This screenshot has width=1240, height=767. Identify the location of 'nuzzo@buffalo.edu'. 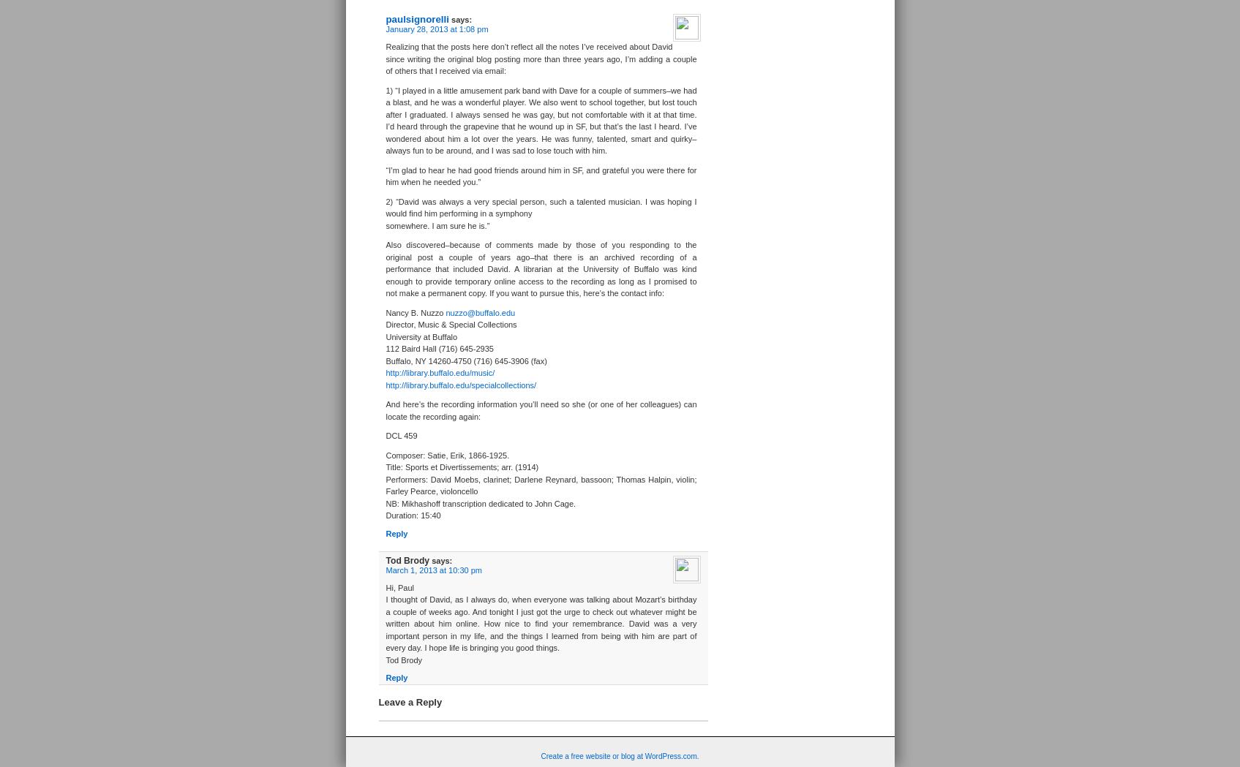
(480, 311).